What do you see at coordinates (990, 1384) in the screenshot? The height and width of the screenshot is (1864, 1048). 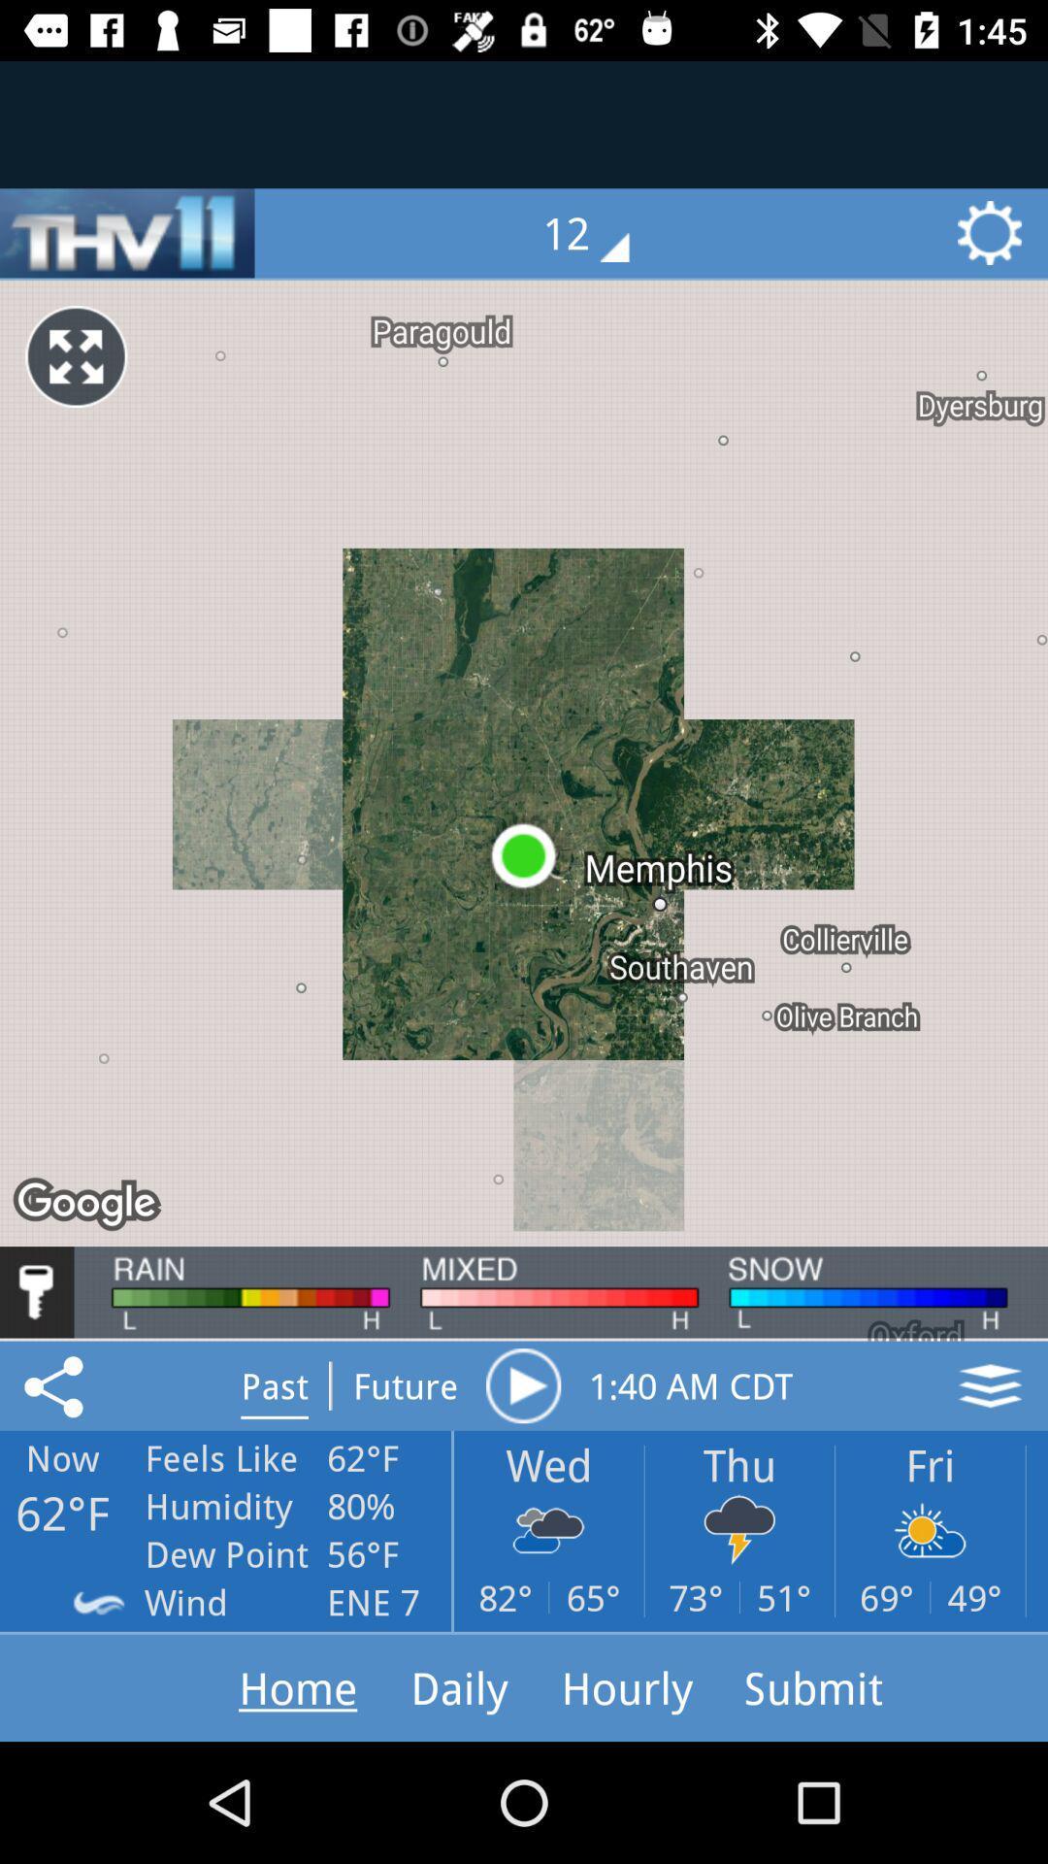 I see `the layers icon` at bounding box center [990, 1384].